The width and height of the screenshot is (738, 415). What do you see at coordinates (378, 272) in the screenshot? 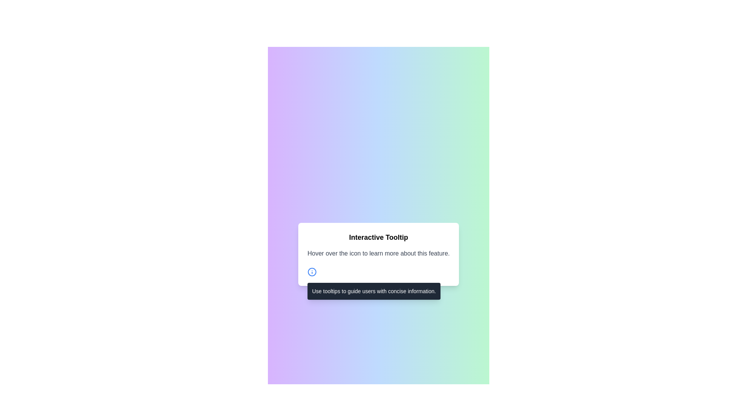
I see `the tooltip box with the text 'Use tooltips to guide users with concise information'` at bounding box center [378, 272].